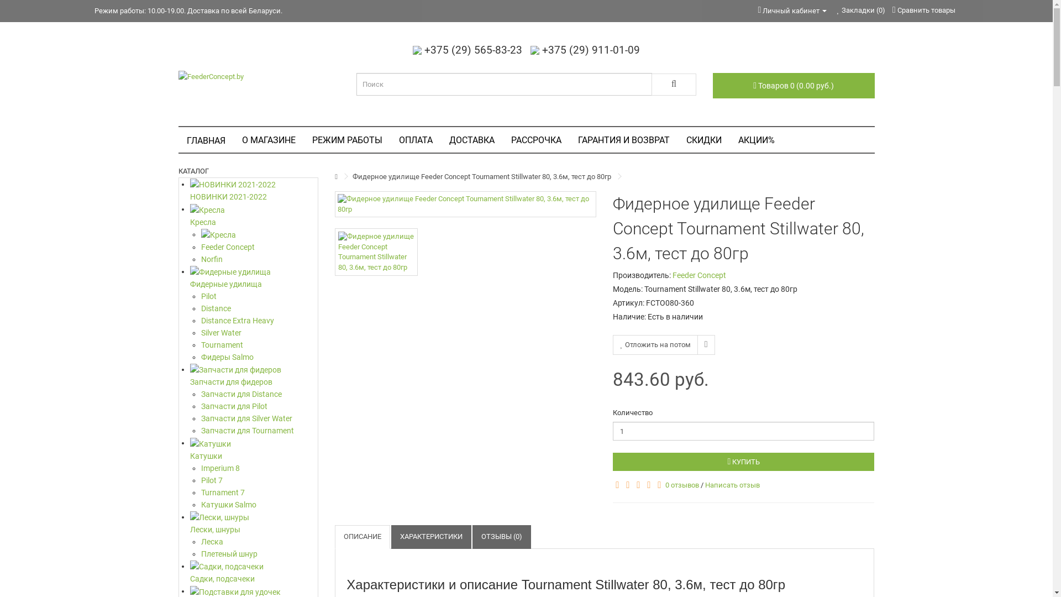  I want to click on 'FeederConcept.by', so click(177, 76).